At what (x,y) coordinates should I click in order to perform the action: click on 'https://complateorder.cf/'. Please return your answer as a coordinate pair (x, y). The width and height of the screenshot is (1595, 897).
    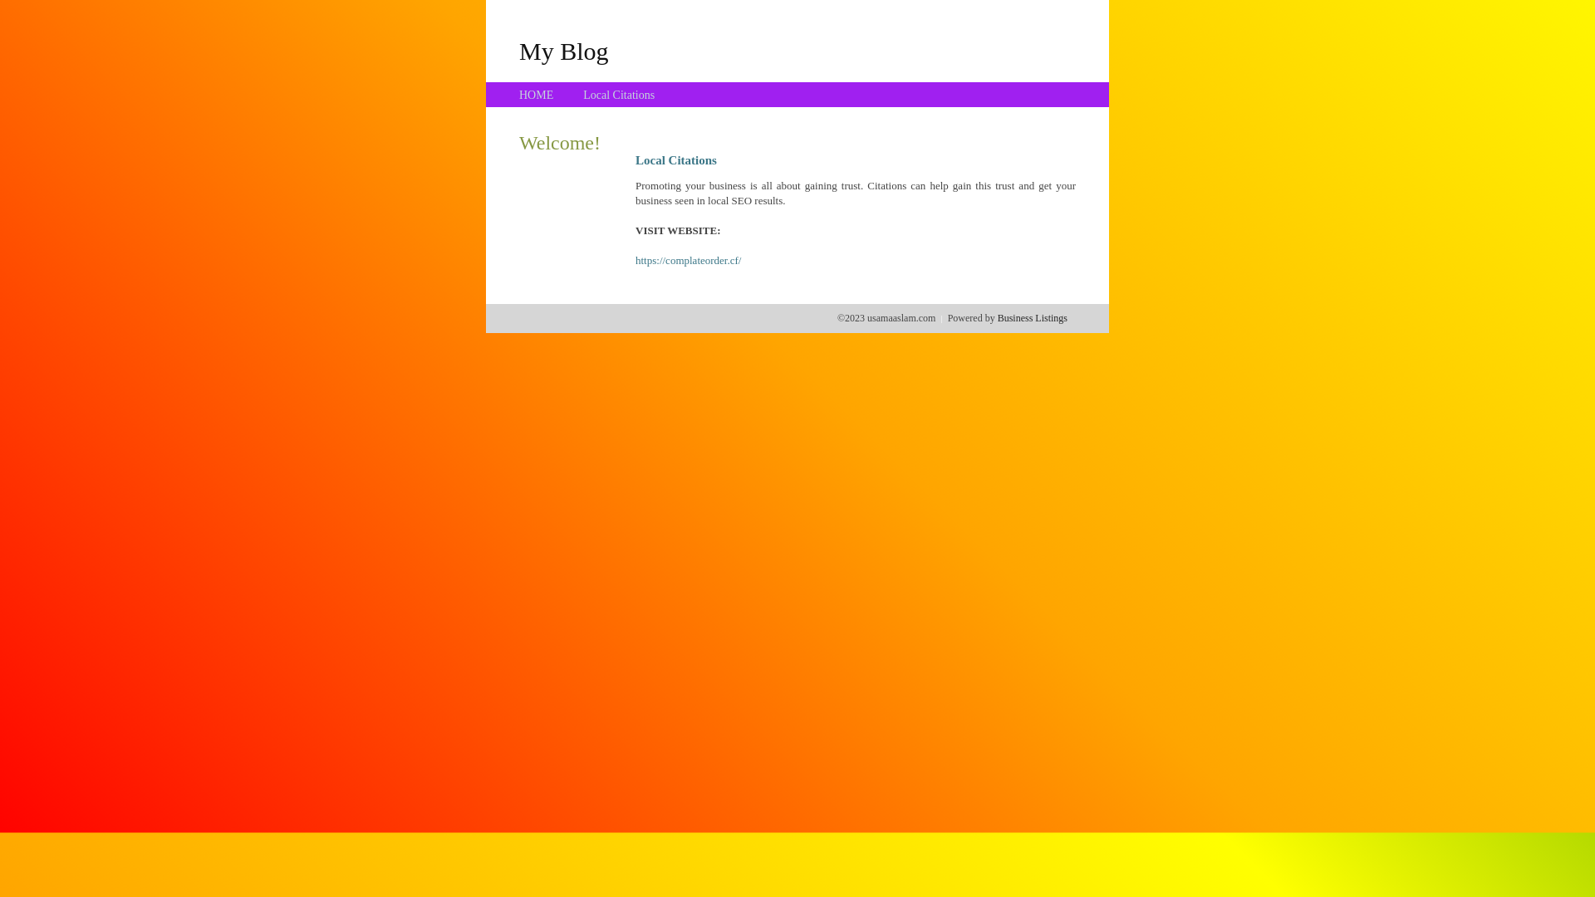
    Looking at the image, I should click on (688, 260).